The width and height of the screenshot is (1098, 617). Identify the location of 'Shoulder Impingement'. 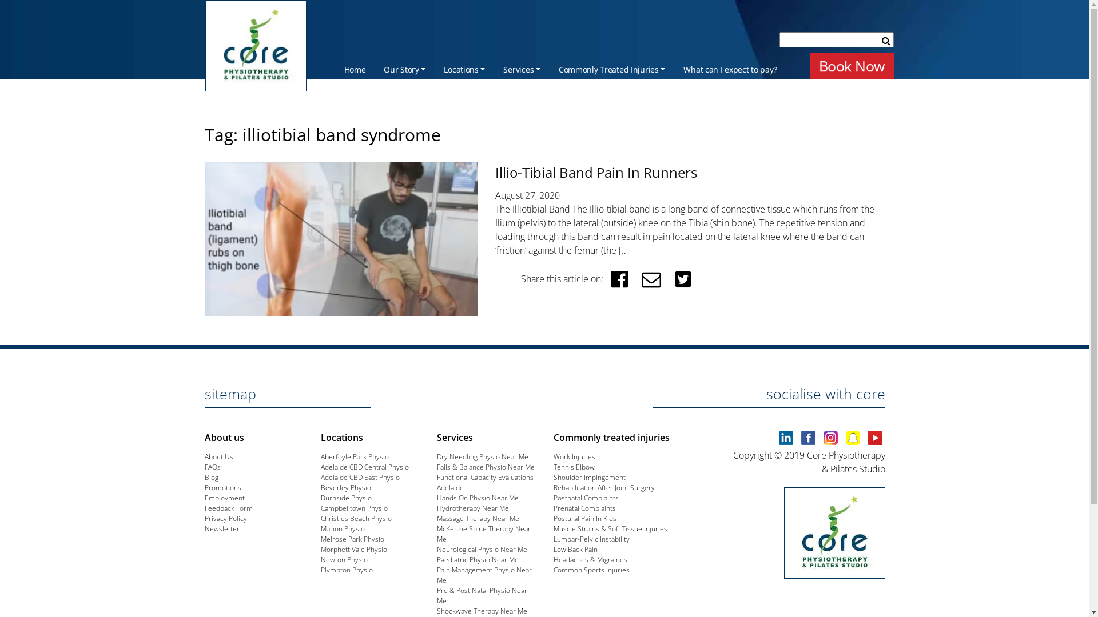
(590, 477).